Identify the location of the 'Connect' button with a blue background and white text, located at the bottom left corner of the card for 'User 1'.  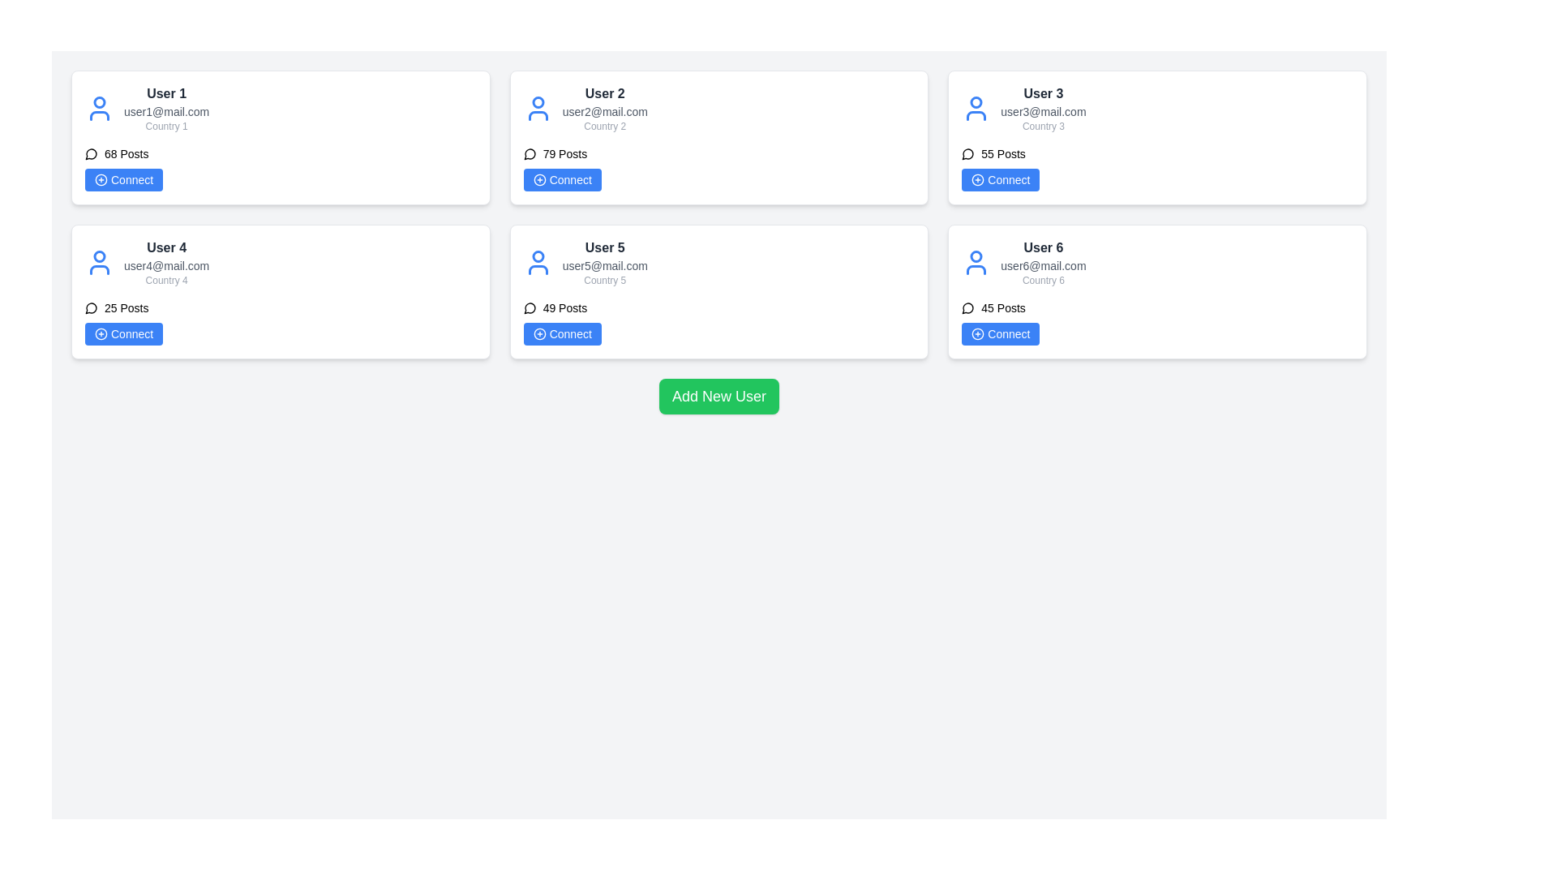
(123, 180).